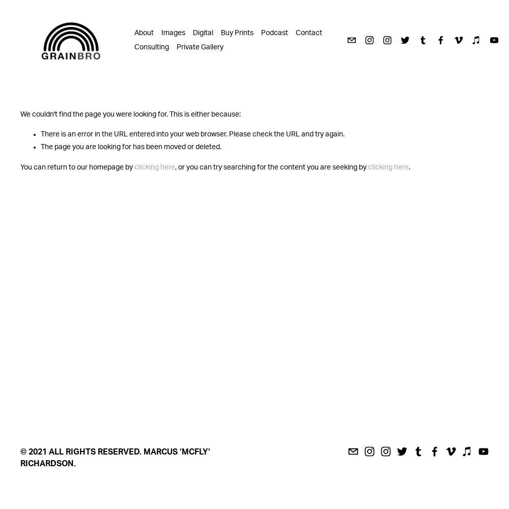 This screenshot has height=509, width=509. What do you see at coordinates (192, 134) in the screenshot?
I see `'There is an error in the URL entered into your web browser. Please check the URL and try again.'` at bounding box center [192, 134].